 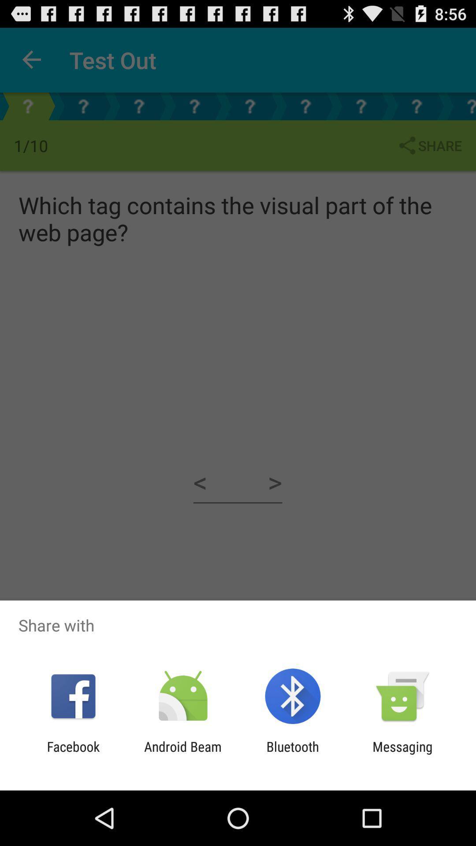 What do you see at coordinates (182, 754) in the screenshot?
I see `the app next to bluetooth item` at bounding box center [182, 754].